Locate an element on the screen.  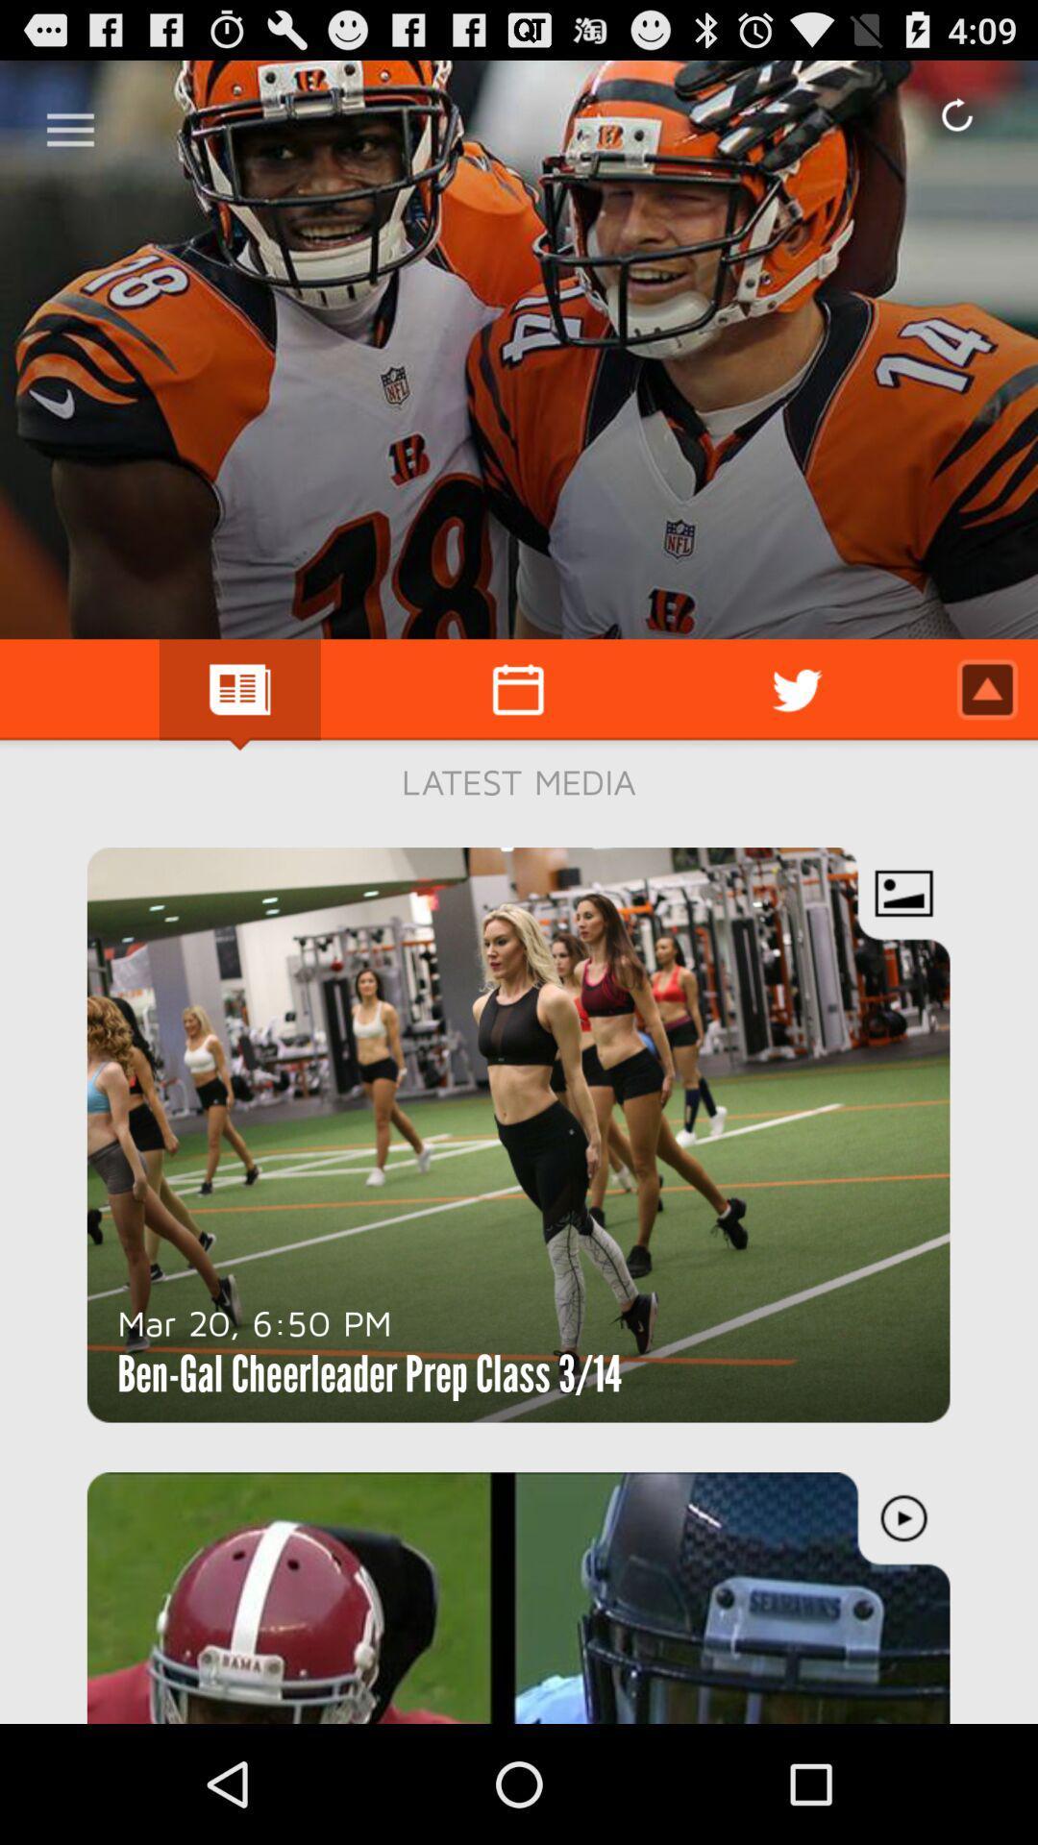
the ben gal cheerleader item is located at coordinates (369, 1373).